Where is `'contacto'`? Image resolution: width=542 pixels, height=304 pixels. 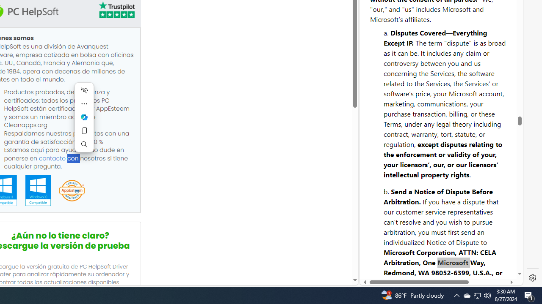
'contacto' is located at coordinates (52, 158).